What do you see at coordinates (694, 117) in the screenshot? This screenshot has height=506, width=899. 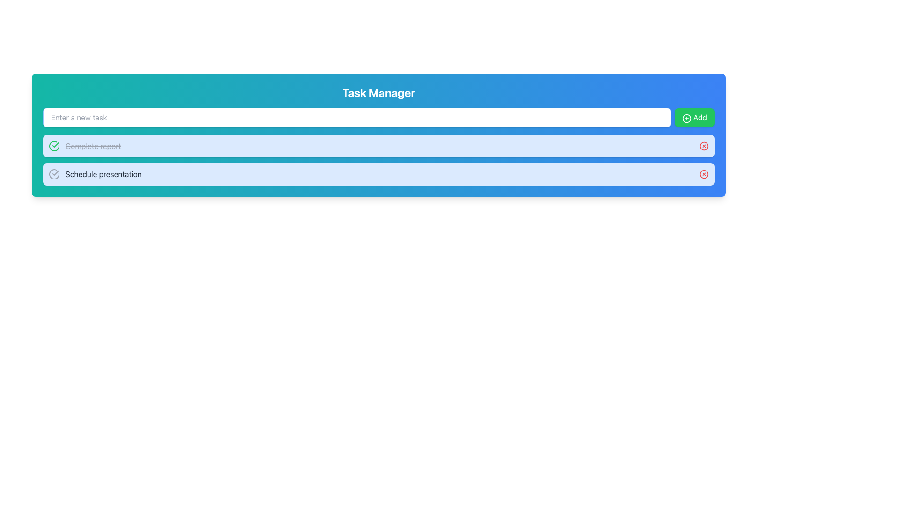 I see `the button located on the right side of the top input field to initiate the action of adding tasks or items` at bounding box center [694, 117].